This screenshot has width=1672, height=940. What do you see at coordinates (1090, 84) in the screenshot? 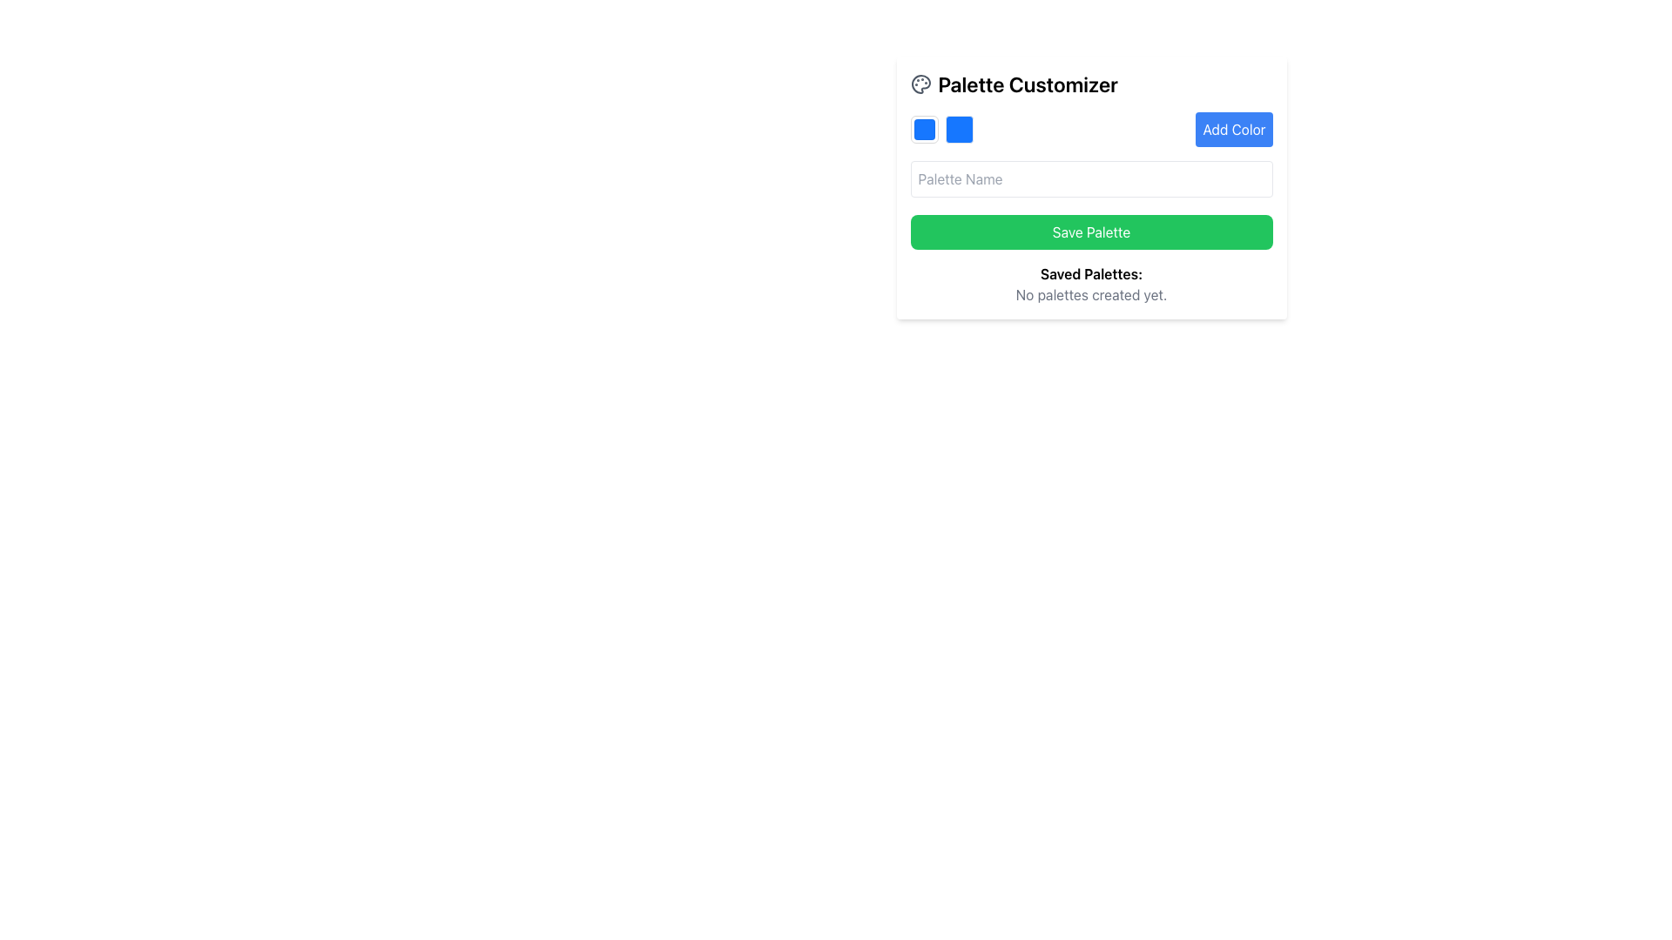
I see `text of the bold, large heading located at the top of the palette customization section, positioned above the 'Add Color' button` at bounding box center [1090, 84].